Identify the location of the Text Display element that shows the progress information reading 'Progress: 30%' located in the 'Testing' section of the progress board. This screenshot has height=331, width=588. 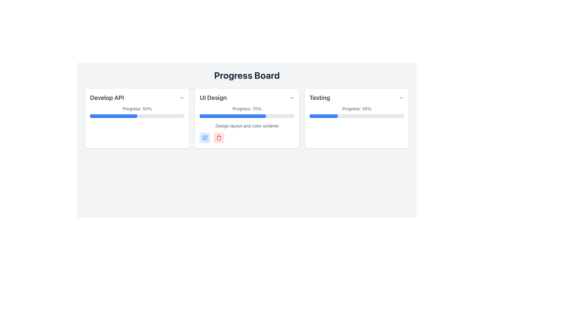
(356, 108).